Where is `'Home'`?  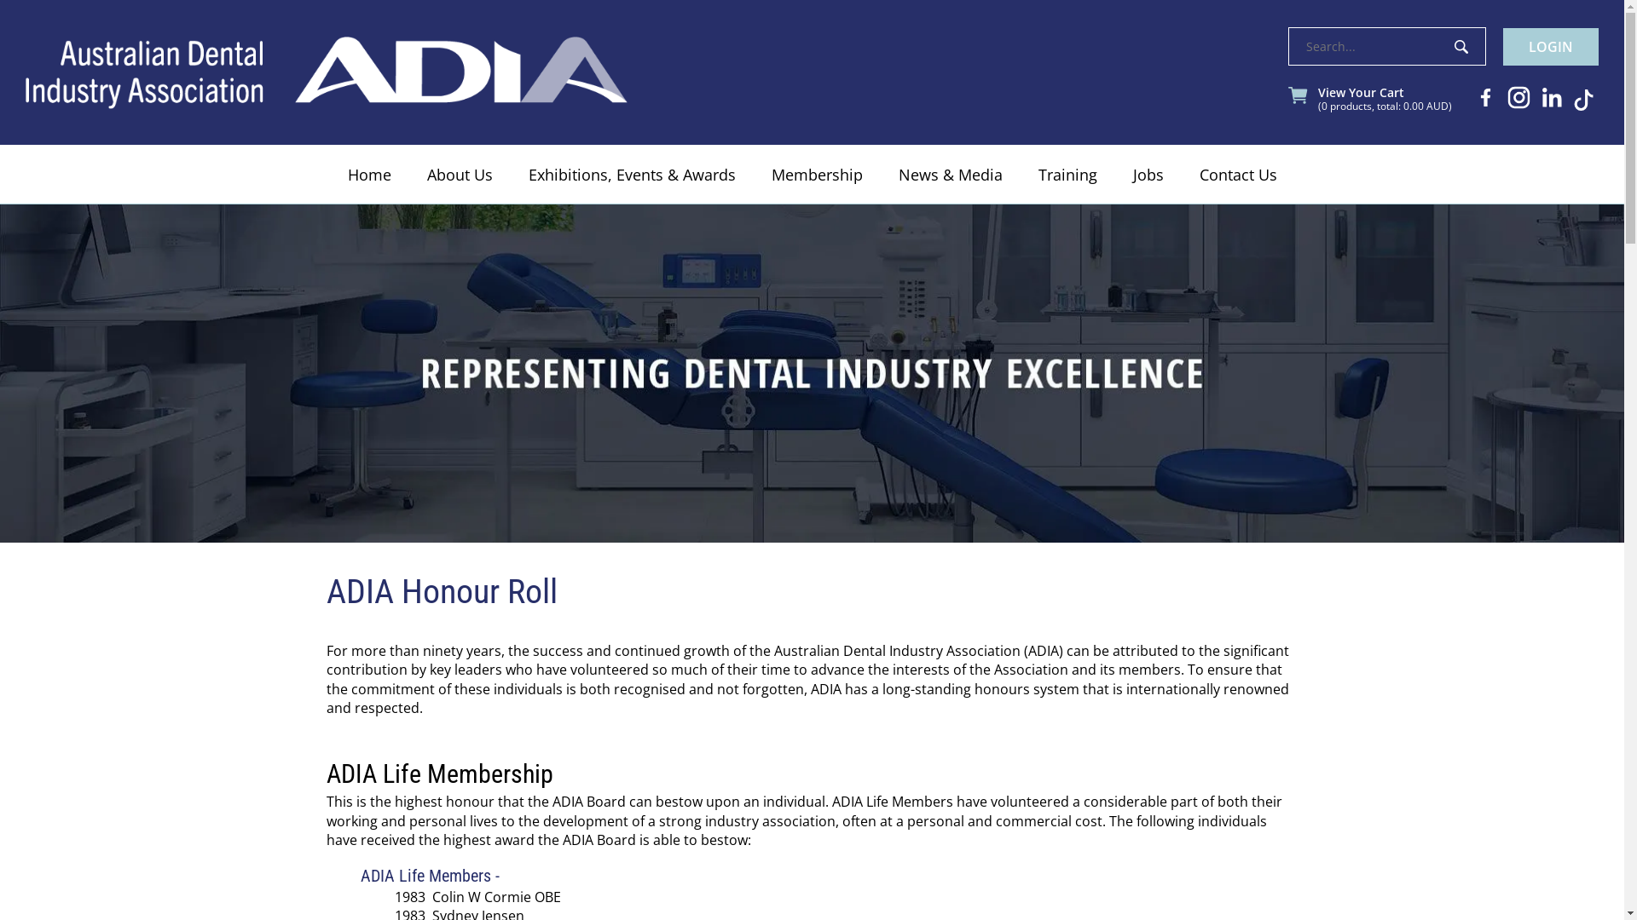 'Home' is located at coordinates (367, 174).